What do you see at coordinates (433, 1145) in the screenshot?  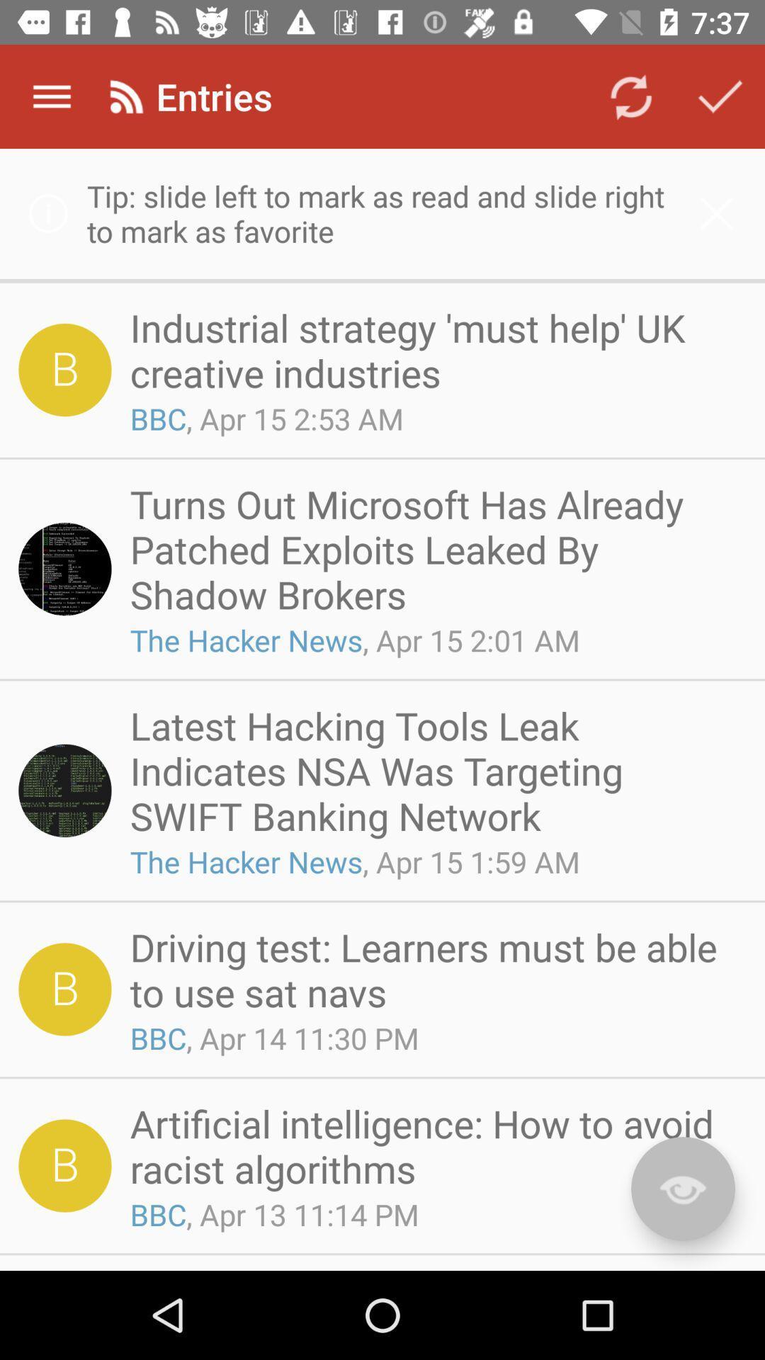 I see `app above the bbc apr 13 icon` at bounding box center [433, 1145].